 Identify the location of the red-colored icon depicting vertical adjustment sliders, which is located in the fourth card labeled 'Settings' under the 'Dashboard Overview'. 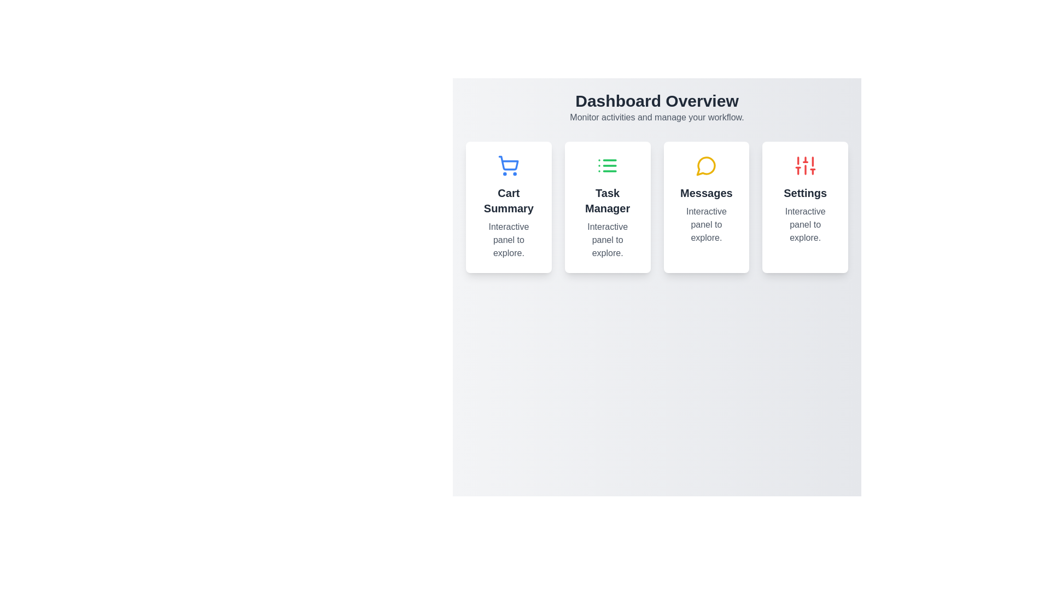
(805, 166).